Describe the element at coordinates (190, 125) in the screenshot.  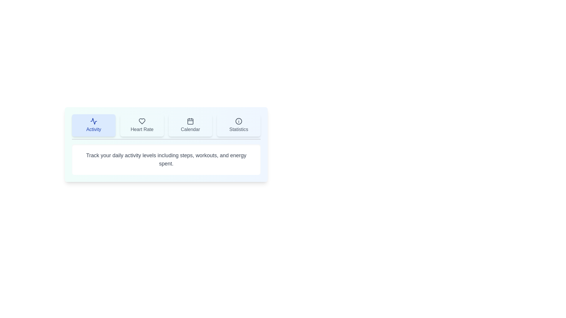
I see `the Calendar tab by clicking on its button` at that location.